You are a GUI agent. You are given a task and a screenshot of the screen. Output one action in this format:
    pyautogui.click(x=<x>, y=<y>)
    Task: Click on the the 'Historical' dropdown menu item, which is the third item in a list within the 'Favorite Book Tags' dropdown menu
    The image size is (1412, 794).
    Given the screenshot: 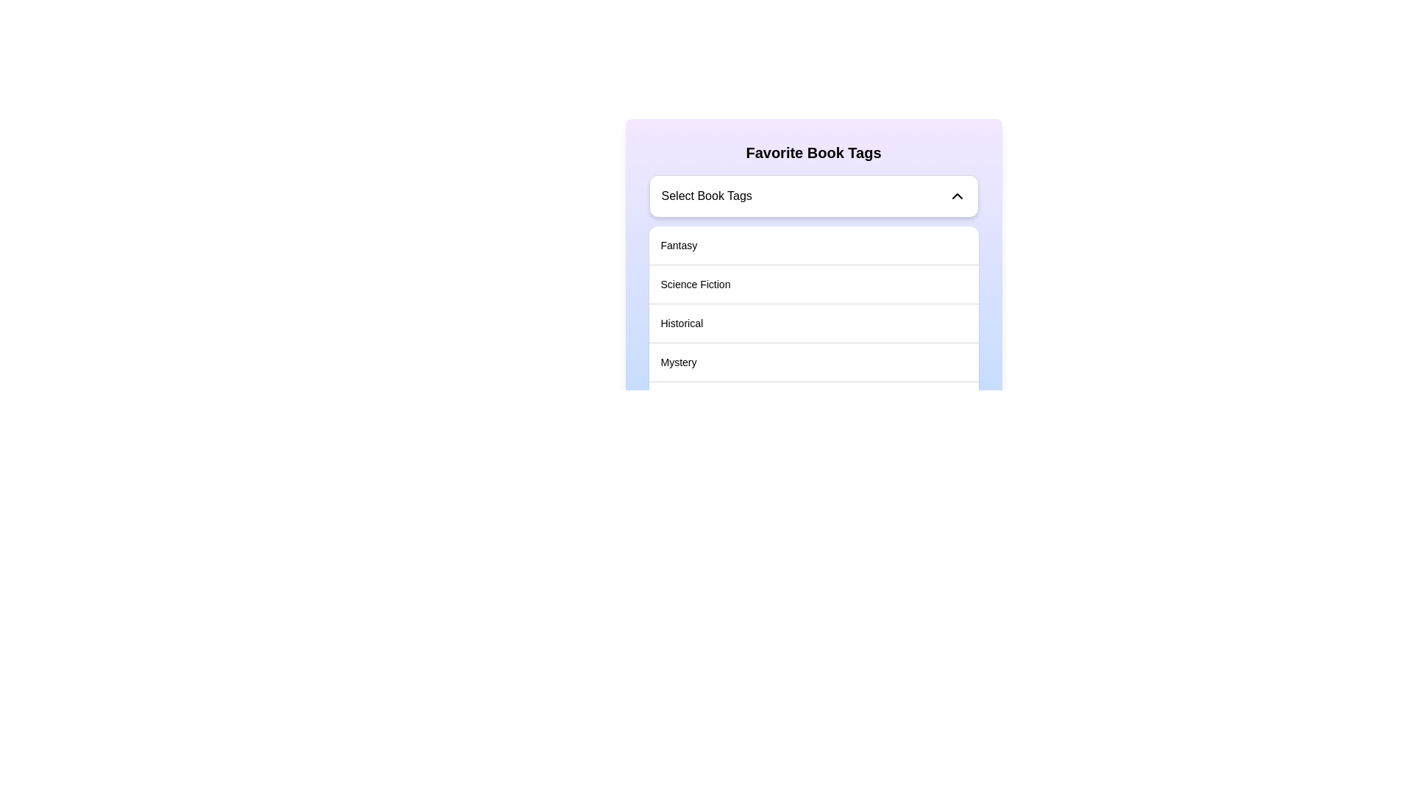 What is the action you would take?
    pyautogui.click(x=813, y=322)
    